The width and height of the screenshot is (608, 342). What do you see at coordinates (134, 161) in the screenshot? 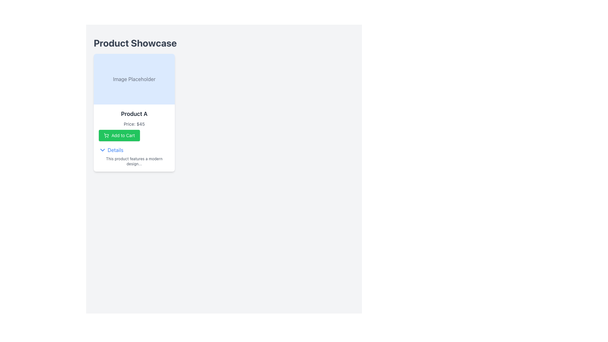
I see `the small text description reading, 'This product features a modern design...' which is positioned below the 'Details' toggle in the product card` at bounding box center [134, 161].